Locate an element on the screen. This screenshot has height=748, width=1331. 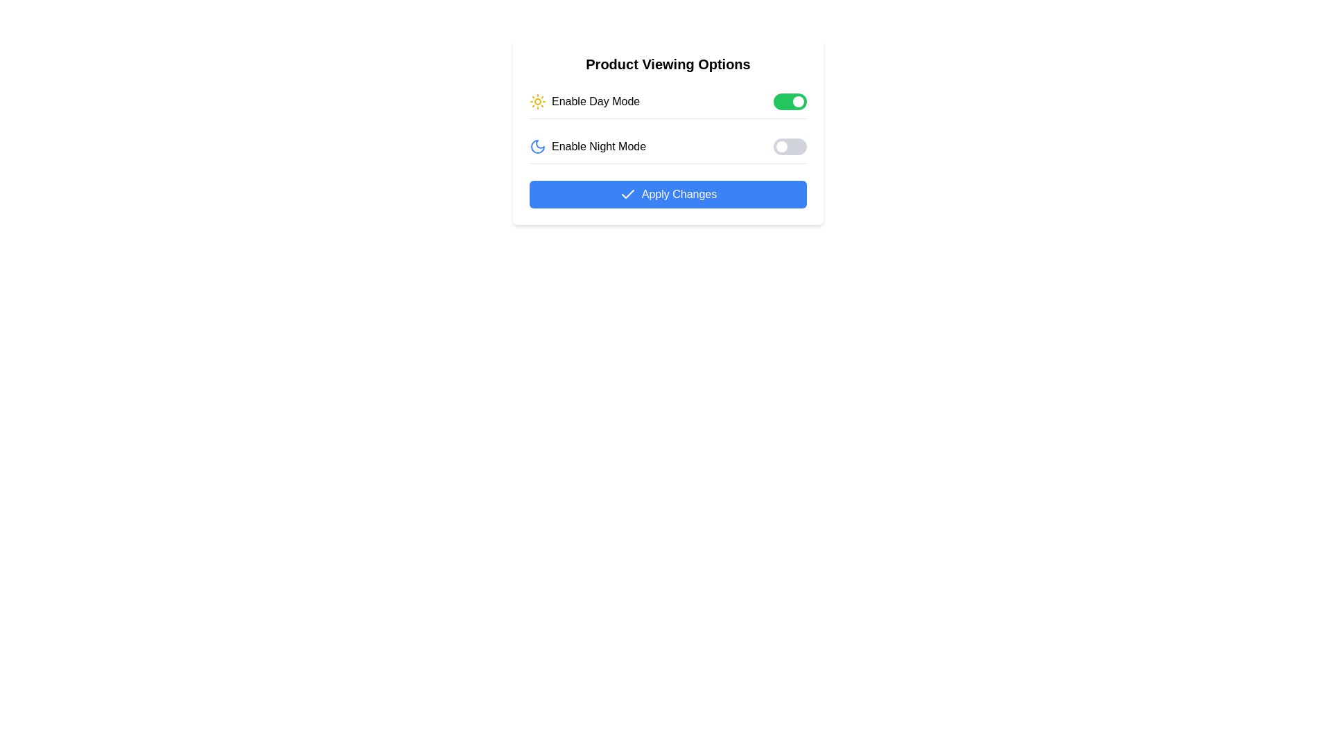
the toggle switch for 'Enable Night Mode' to change its state from 'off' to 'on' or vice versa is located at coordinates (790, 147).